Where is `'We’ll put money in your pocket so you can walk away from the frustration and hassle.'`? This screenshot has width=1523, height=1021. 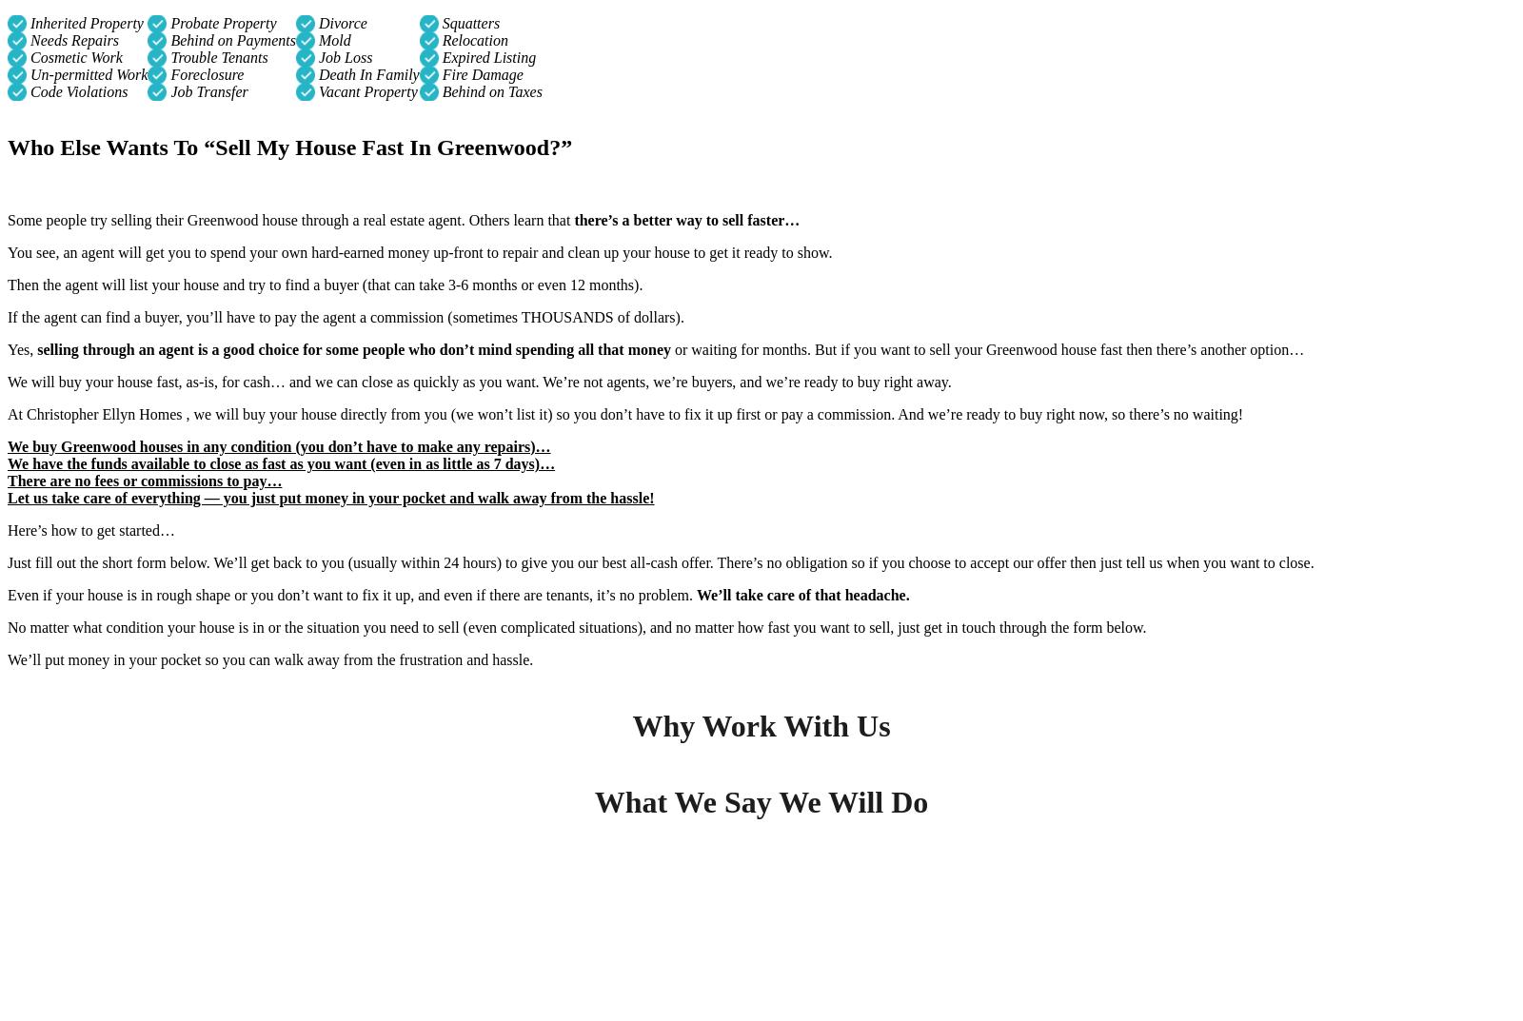
'We’ll put money in your pocket so you can walk away from the frustration and hassle.' is located at coordinates (270, 658).